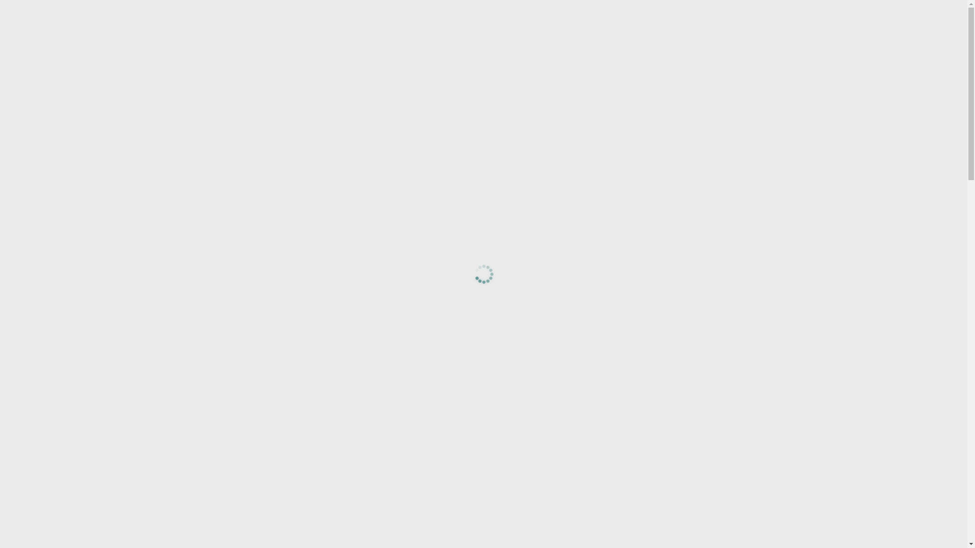  Describe the element at coordinates (701, 42) in the screenshot. I see `'Support'` at that location.